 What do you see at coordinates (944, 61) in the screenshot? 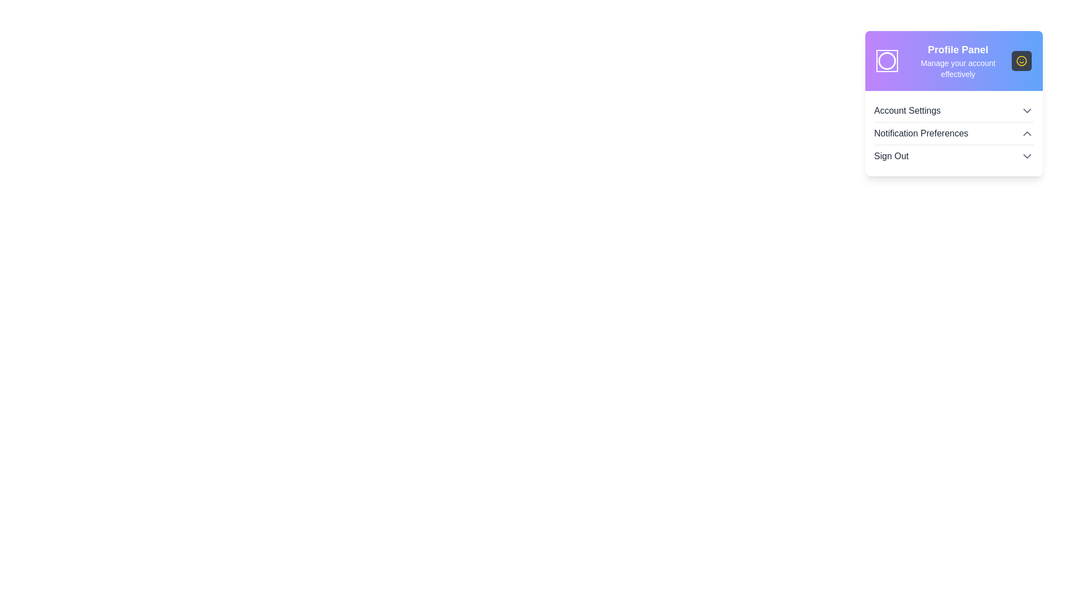
I see `the circular icon in the Profile Panel header for profile actions` at bounding box center [944, 61].